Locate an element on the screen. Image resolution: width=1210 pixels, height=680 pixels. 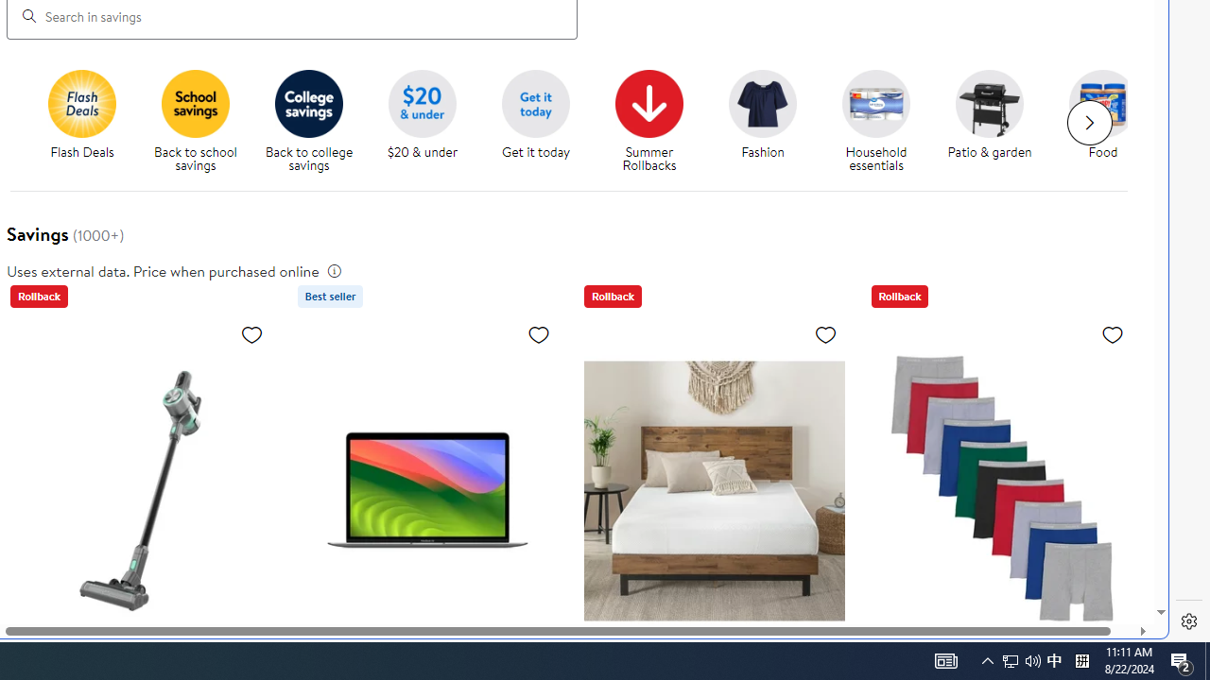
'Fashion' is located at coordinates (770, 122).